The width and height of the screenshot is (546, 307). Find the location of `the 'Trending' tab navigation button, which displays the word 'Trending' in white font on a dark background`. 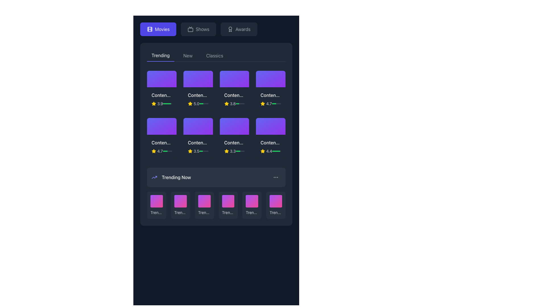

the 'Trending' tab navigation button, which displays the word 'Trending' in white font on a dark background is located at coordinates (160, 56).